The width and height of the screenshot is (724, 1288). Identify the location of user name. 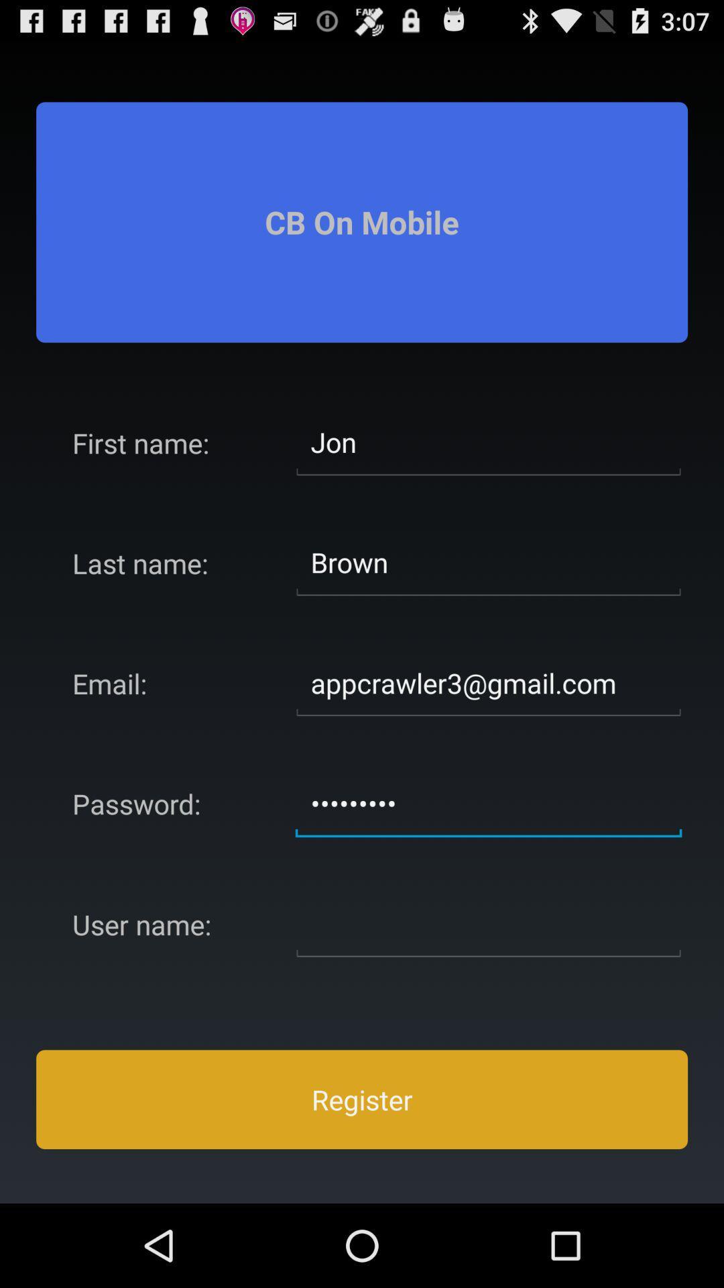
(489, 923).